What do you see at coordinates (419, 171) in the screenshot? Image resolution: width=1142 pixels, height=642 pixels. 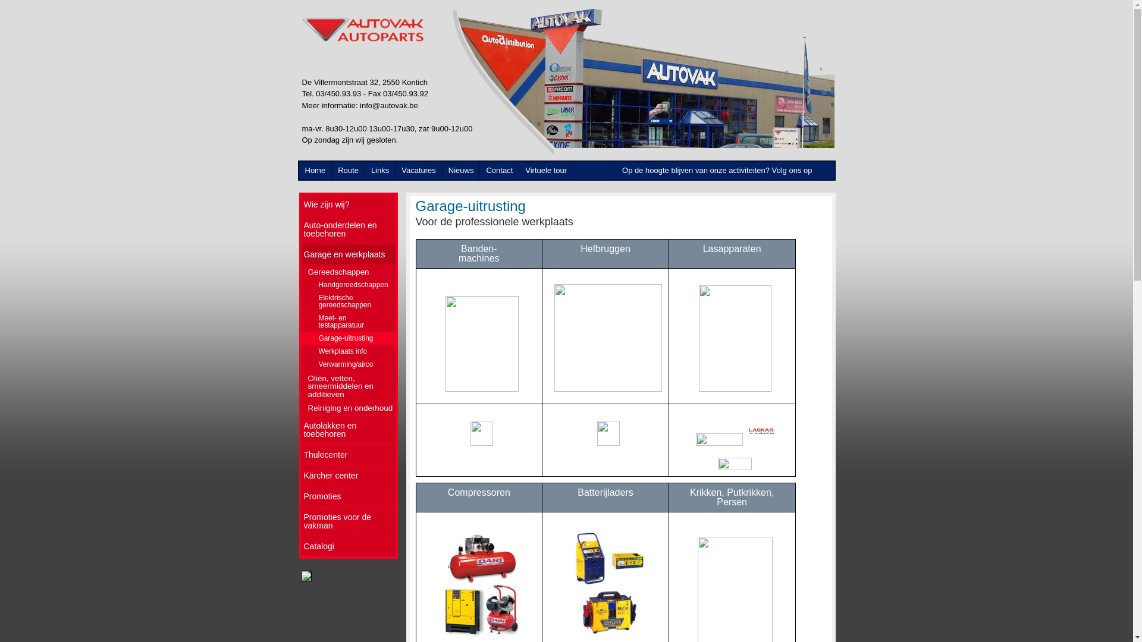 I see `'Vacatures'` at bounding box center [419, 171].